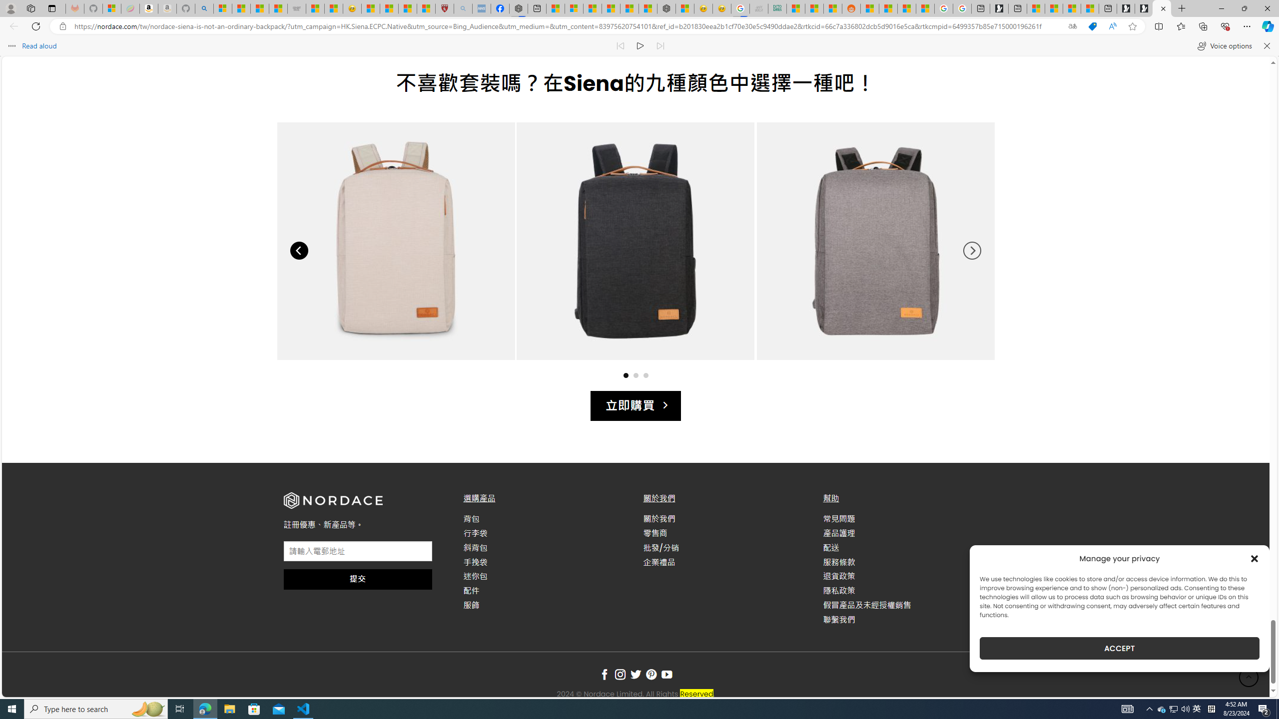  I want to click on 'Close read aloud', so click(1266, 45).